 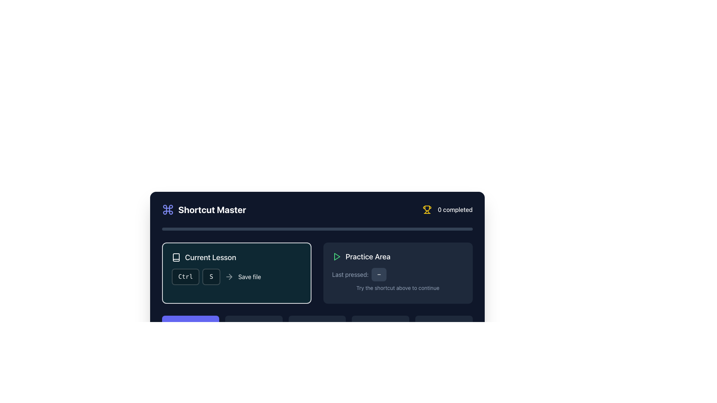 I want to click on the rightward-pointing arrow icon next to the 'Save file' text, located in the 'Current Lesson' section, immediately to the right of the 'S' button, so click(x=229, y=277).